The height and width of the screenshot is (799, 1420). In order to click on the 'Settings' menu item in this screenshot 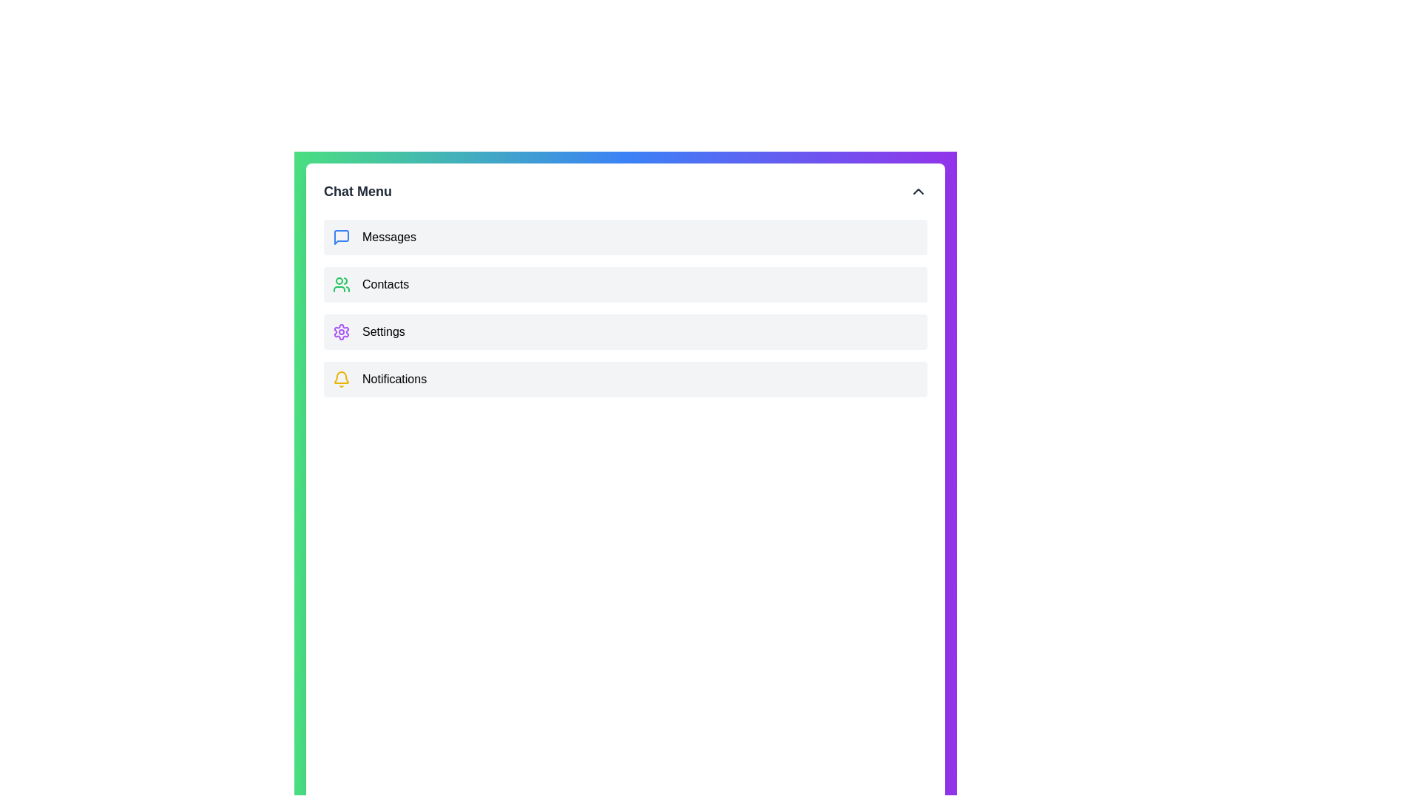, I will do `click(625, 331)`.